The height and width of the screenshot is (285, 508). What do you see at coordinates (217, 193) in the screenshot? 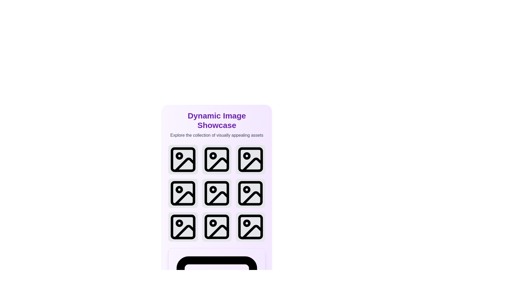
I see `the center tile in the second row of a 3x3 grid layout, which is an image placeholder representing media or gallery items` at bounding box center [217, 193].